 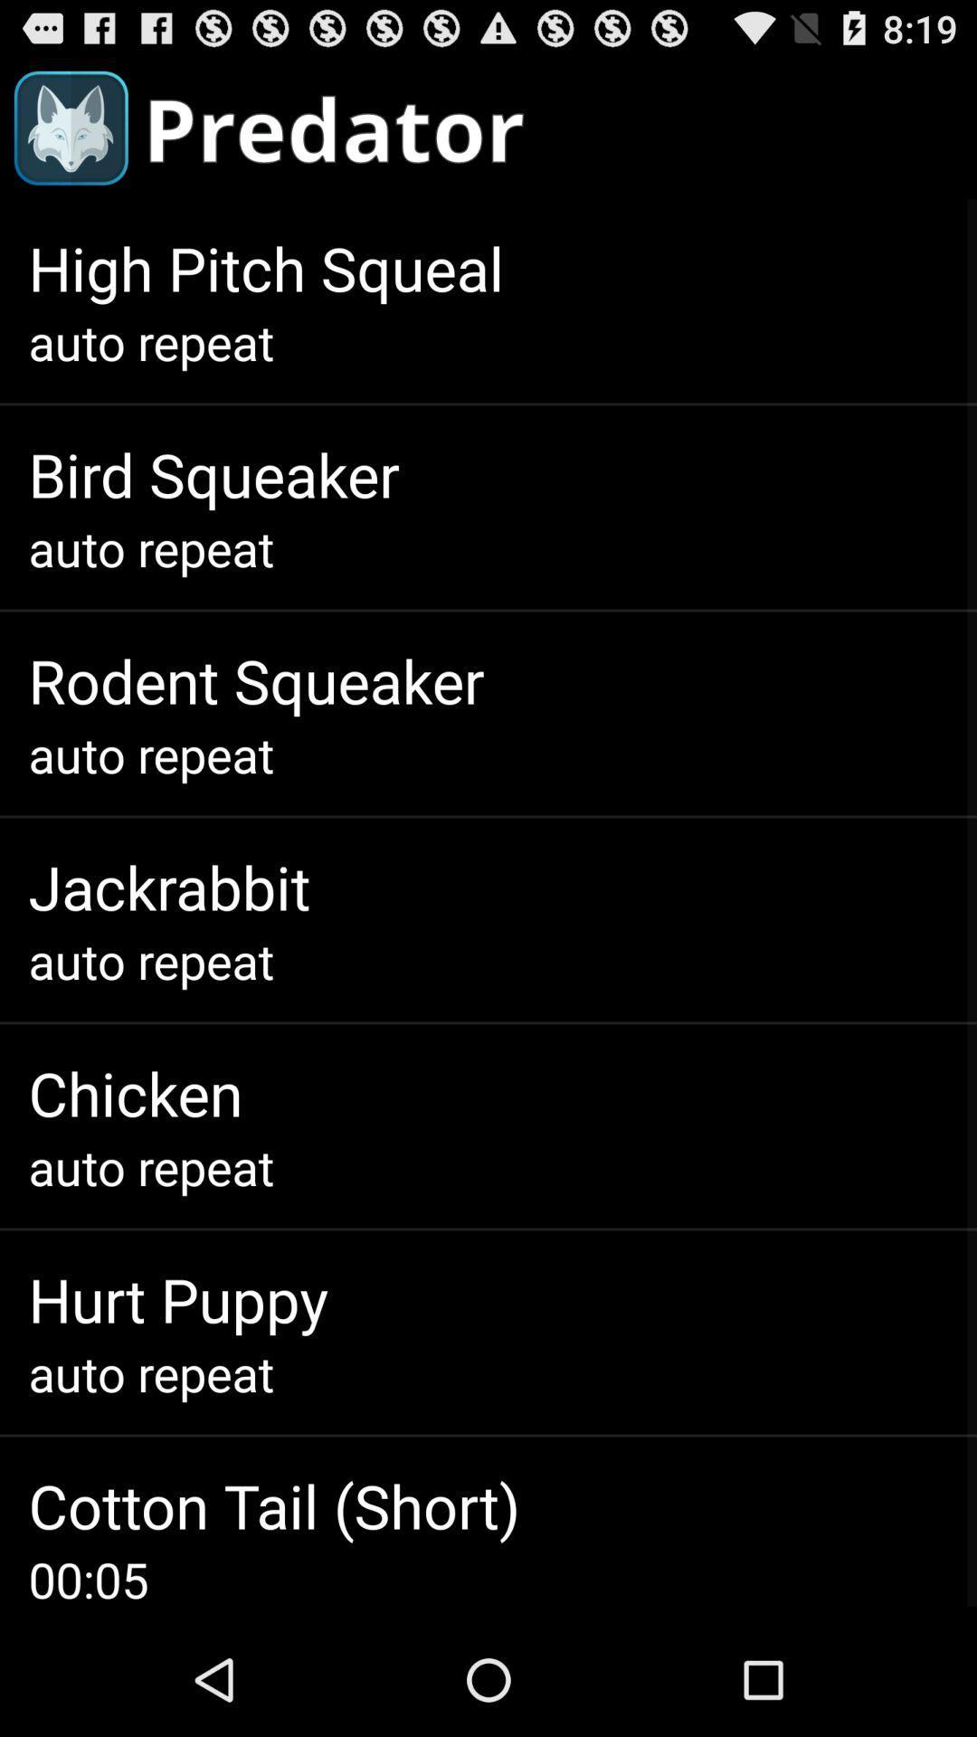 I want to click on icon below the cotton tail (short), so click(x=88, y=1578).